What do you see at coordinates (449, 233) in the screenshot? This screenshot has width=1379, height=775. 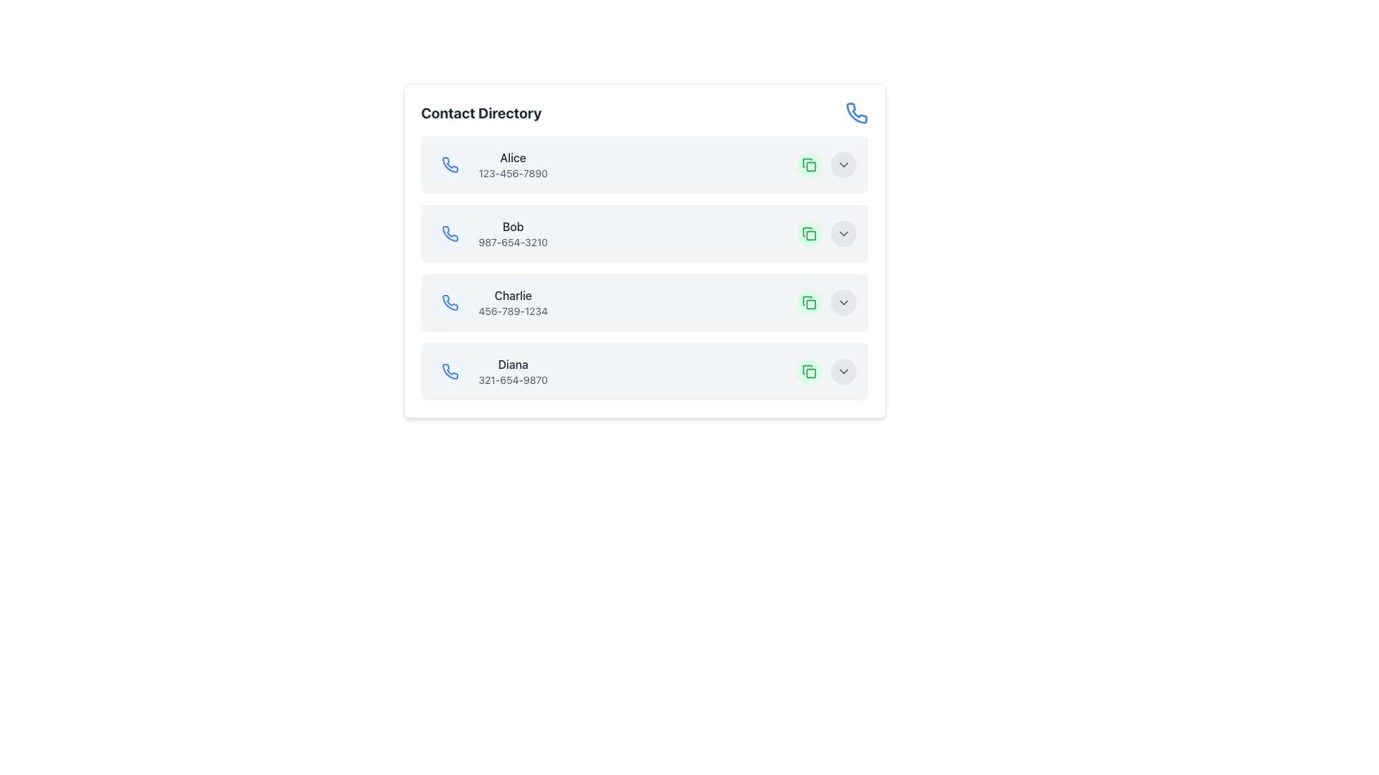 I see `the phone icon representing the contact 'Bob' (987-654-3210) in the contact directory for its visual indication` at bounding box center [449, 233].